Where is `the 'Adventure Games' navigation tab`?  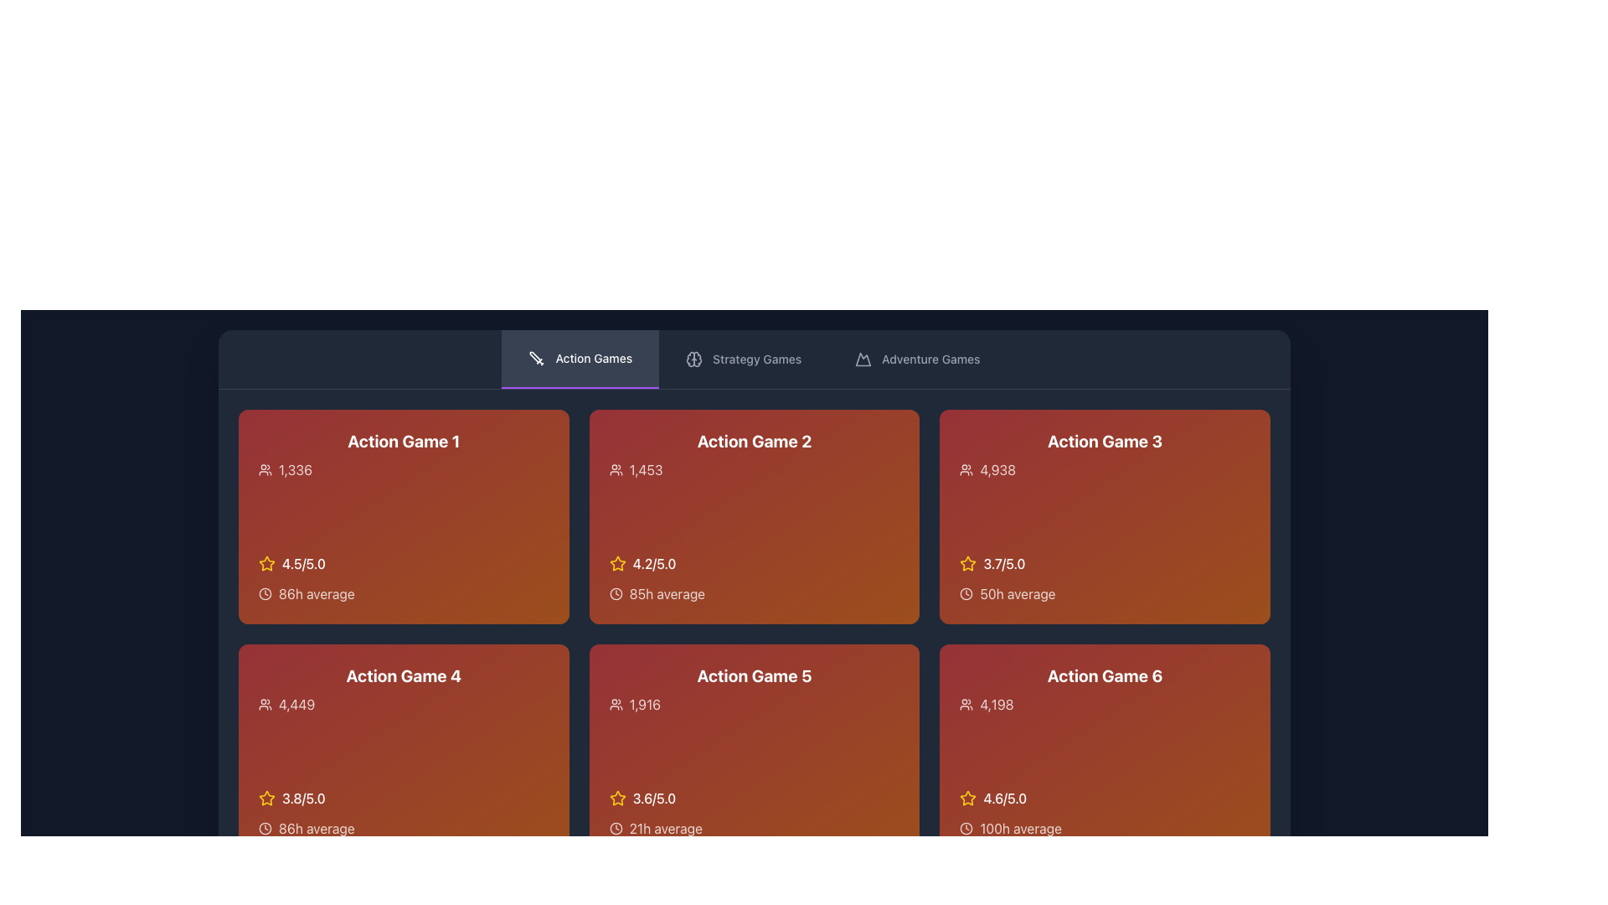 the 'Adventure Games' navigation tab is located at coordinates (930, 358).